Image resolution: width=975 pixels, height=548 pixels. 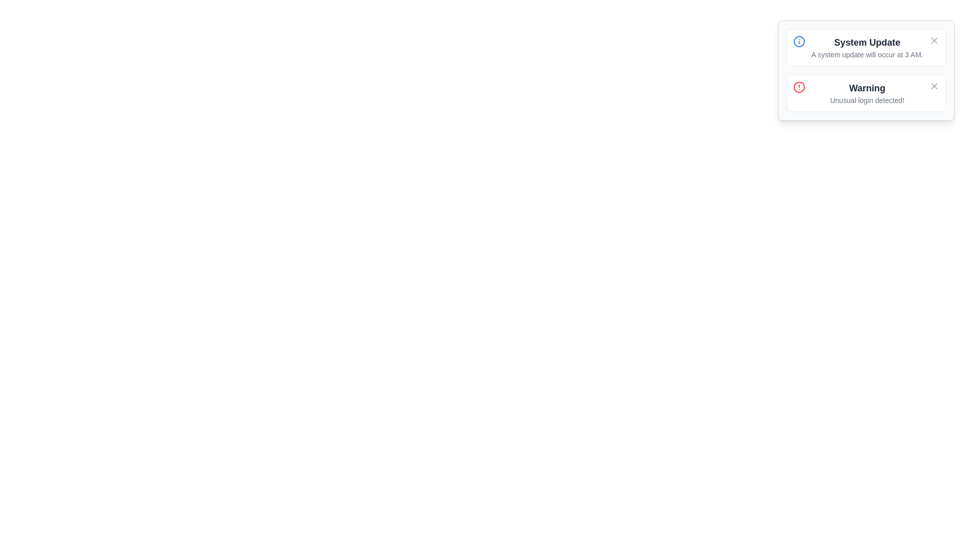 I want to click on the close button represented by an 'X' in the top-right corner of the 'System Update' message card, so click(x=934, y=40).